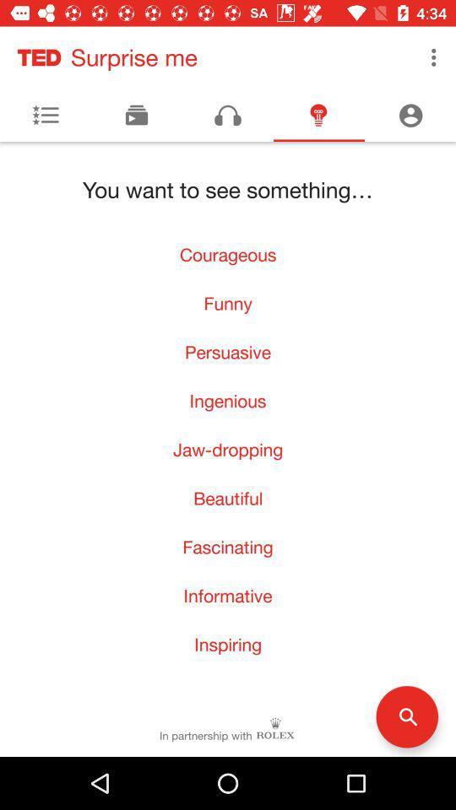 The width and height of the screenshot is (456, 810). Describe the element at coordinates (228, 254) in the screenshot. I see `the icon above the funny icon` at that location.